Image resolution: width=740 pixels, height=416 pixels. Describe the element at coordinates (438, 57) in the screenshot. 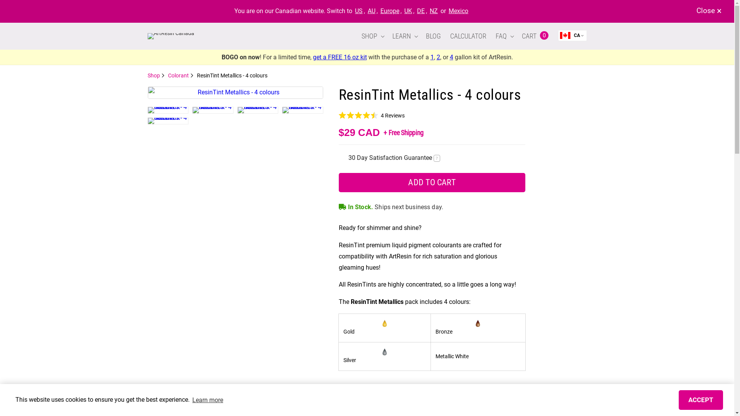

I see `'2'` at that location.